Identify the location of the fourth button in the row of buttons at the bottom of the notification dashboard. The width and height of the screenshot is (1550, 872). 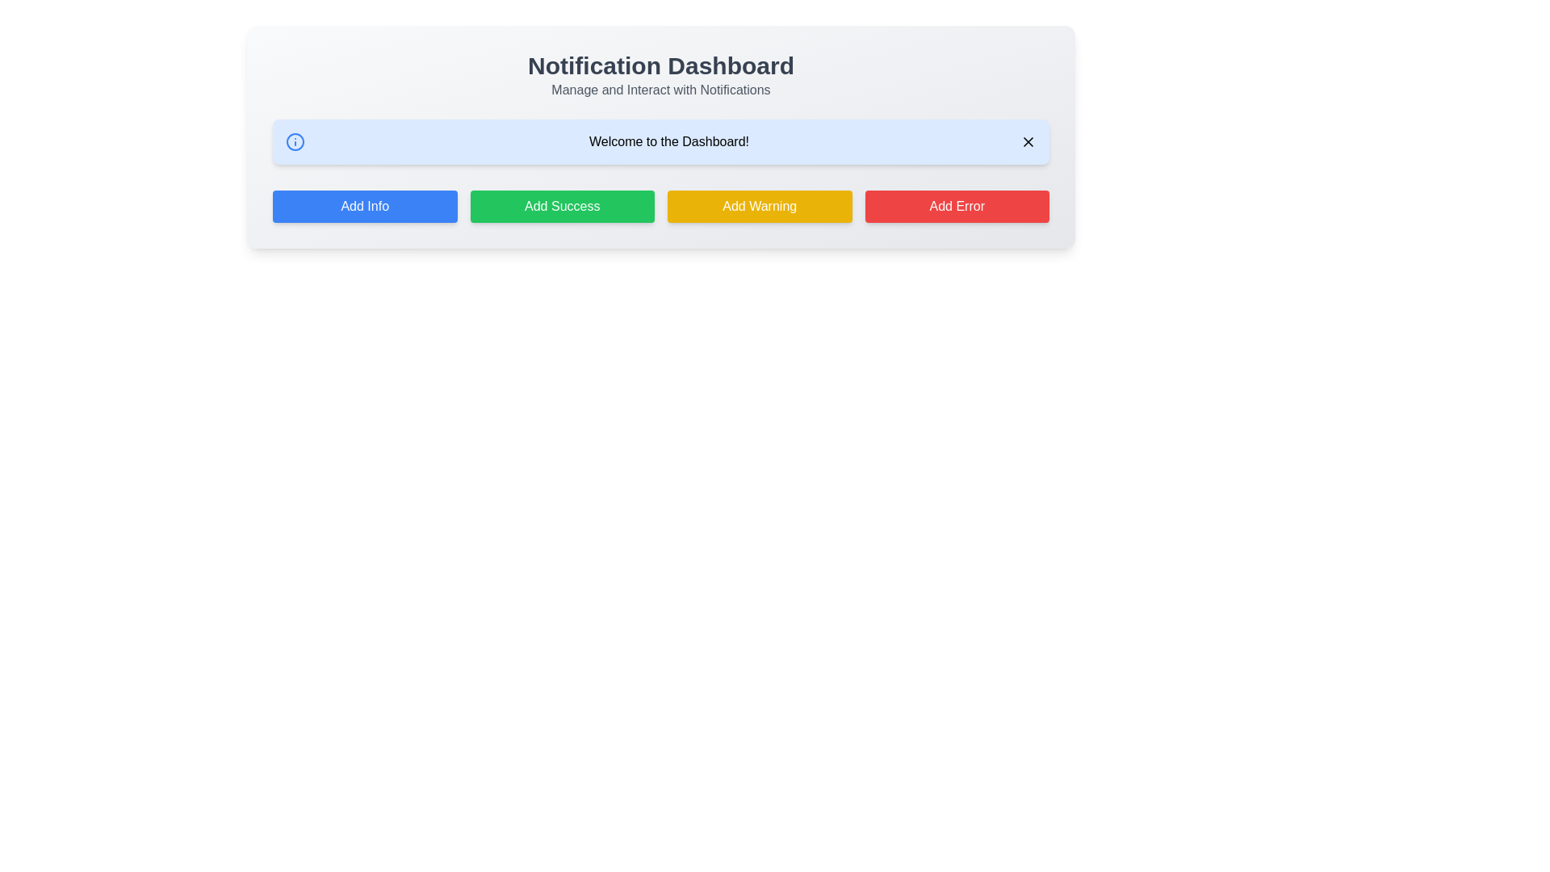
(957, 205).